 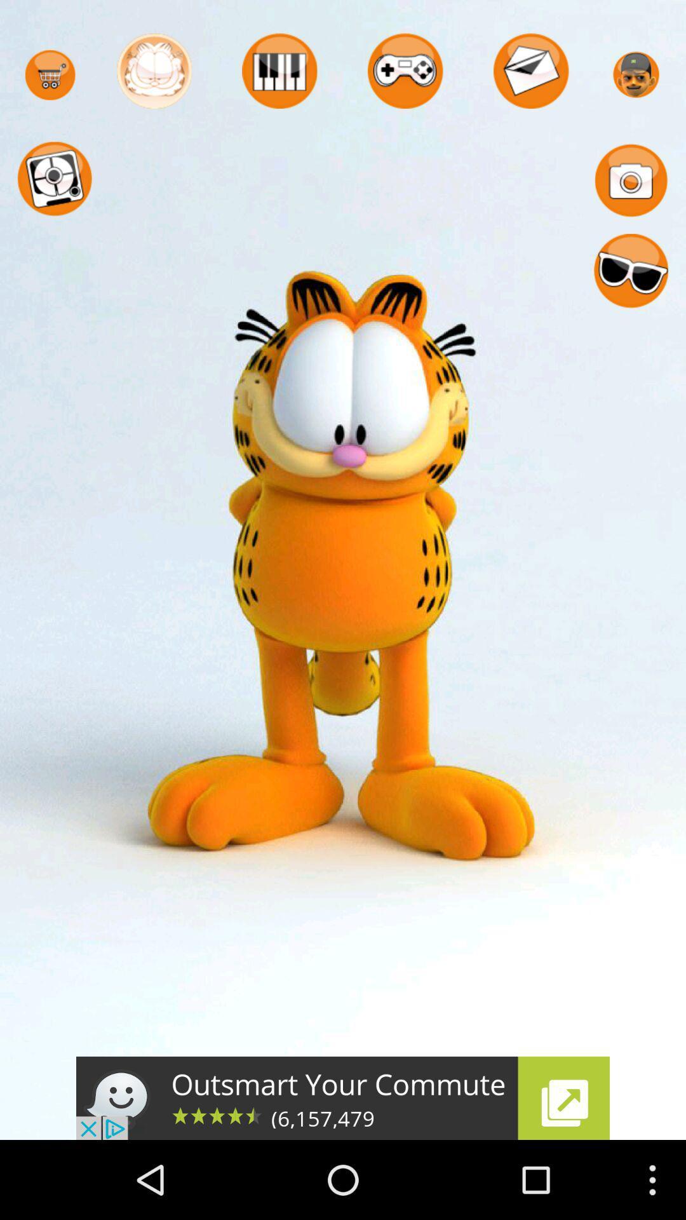 I want to click on the delete icon, so click(x=279, y=75).